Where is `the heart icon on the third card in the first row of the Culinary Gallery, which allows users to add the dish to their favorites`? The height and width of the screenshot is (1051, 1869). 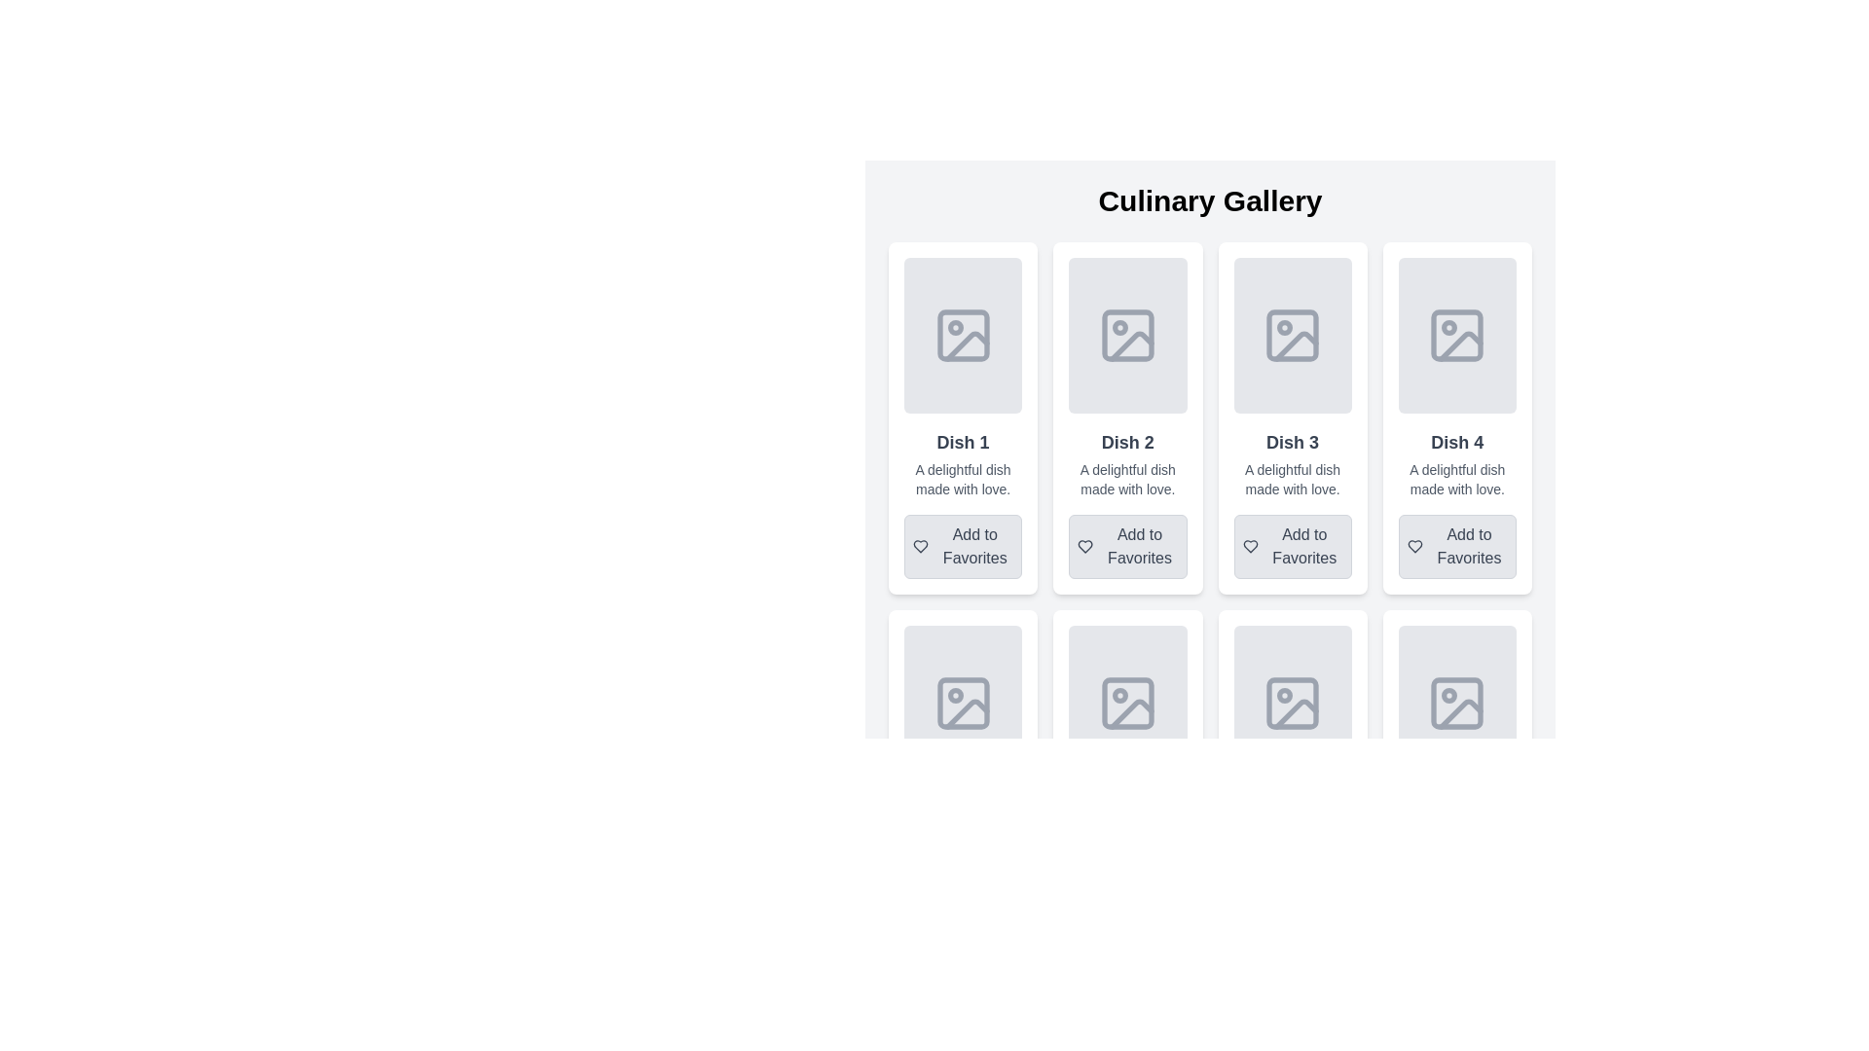 the heart icon on the third card in the first row of the Culinary Gallery, which allows users to add the dish to their favorites is located at coordinates (1293, 417).